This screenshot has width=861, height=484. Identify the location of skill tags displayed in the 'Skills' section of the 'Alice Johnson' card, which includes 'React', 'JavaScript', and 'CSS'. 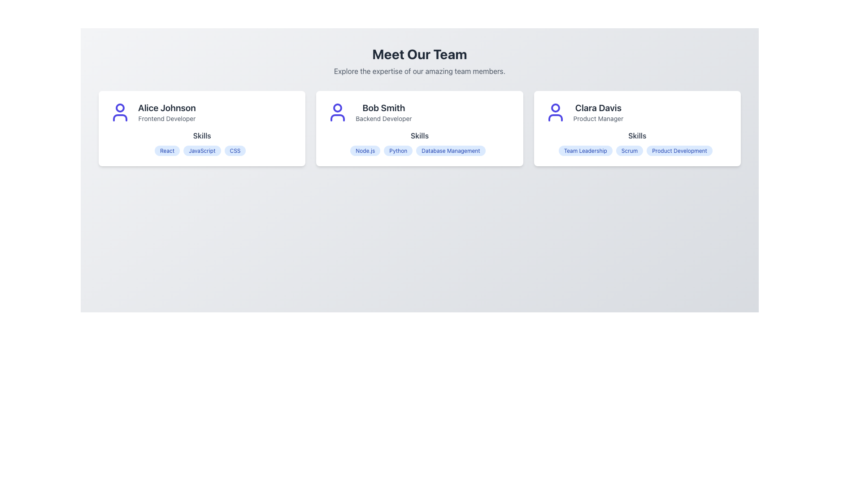
(201, 143).